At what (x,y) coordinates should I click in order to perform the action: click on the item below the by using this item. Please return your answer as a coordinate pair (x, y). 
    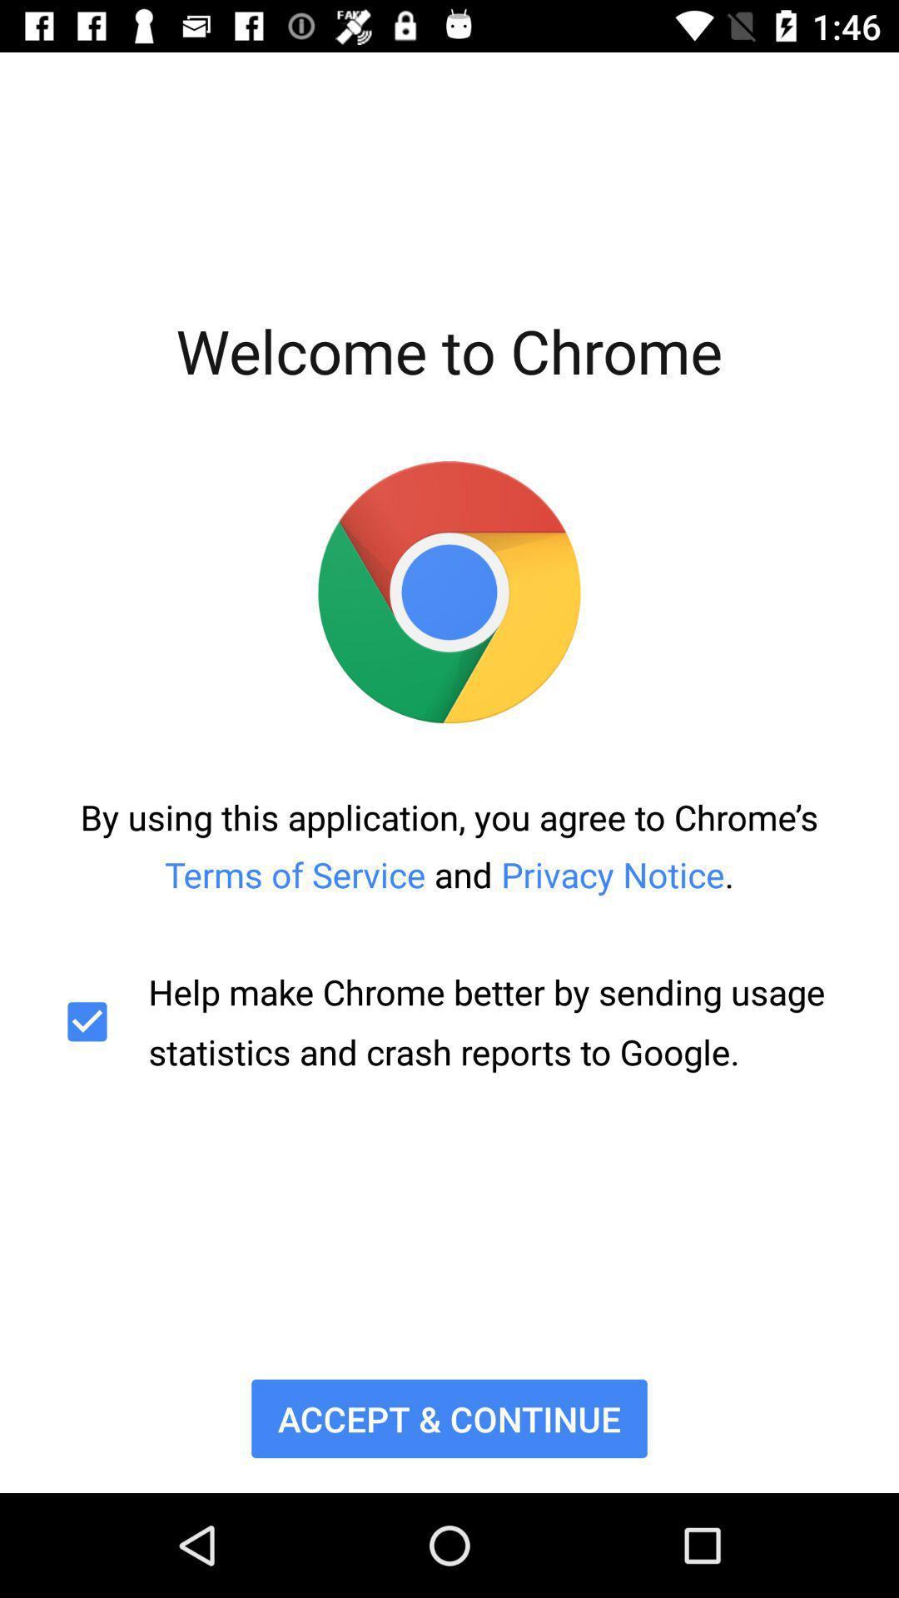
    Looking at the image, I should click on (449, 1020).